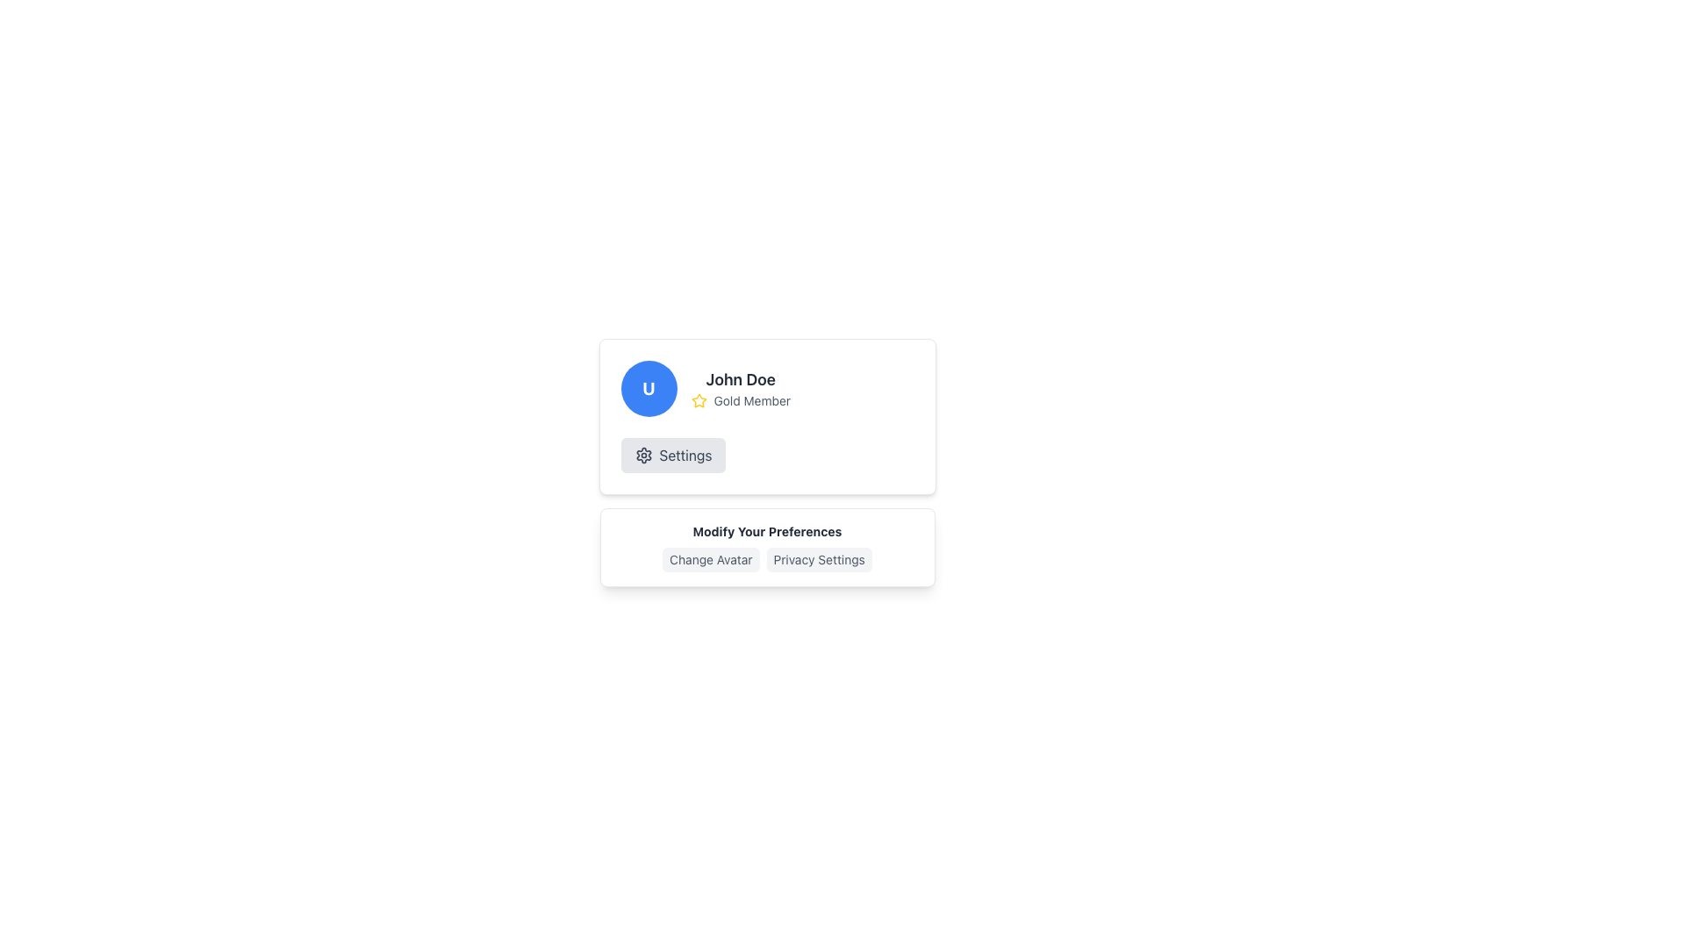 The width and height of the screenshot is (1685, 948). I want to click on the small gear icon representing settings functionalities, which is located above the text 'Settings', so click(642, 455).